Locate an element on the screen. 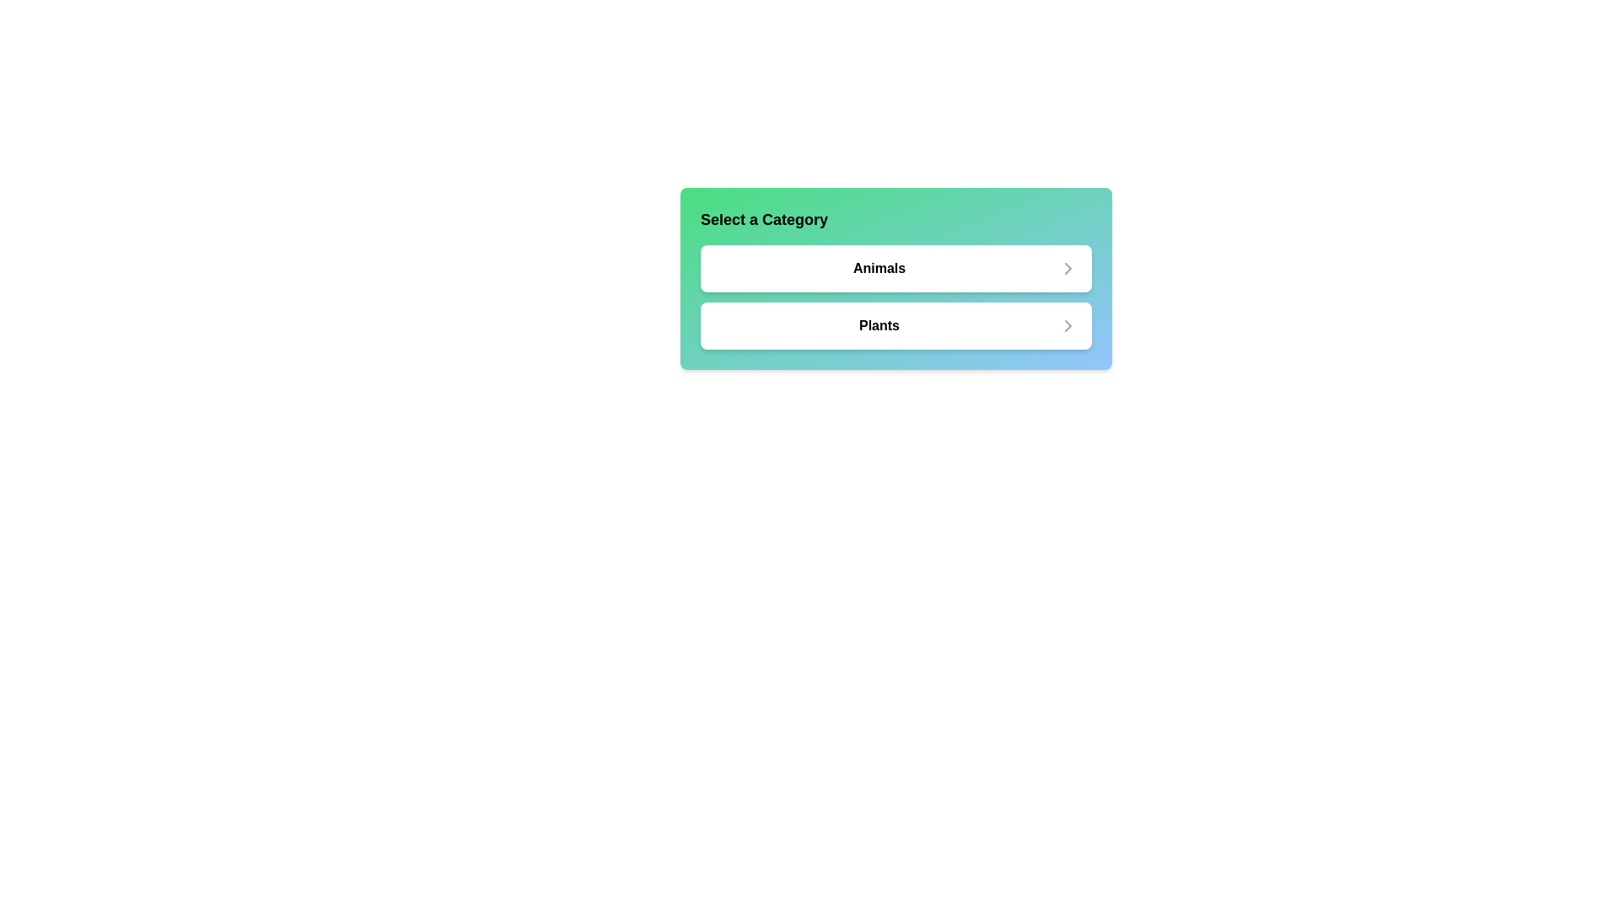 The width and height of the screenshot is (1619, 910). the rightward-pointing chevron arrow icon with a gray outline is located at coordinates (1068, 268).